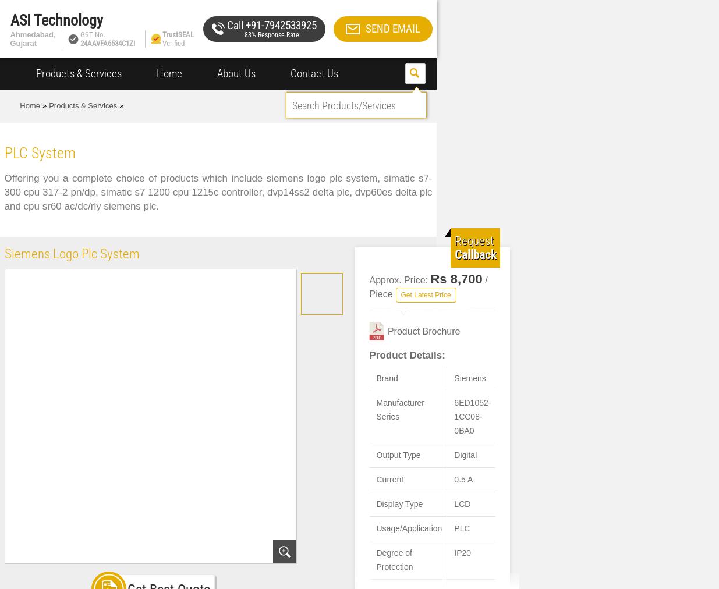  What do you see at coordinates (454, 528) in the screenshot?
I see `'PLC'` at bounding box center [454, 528].